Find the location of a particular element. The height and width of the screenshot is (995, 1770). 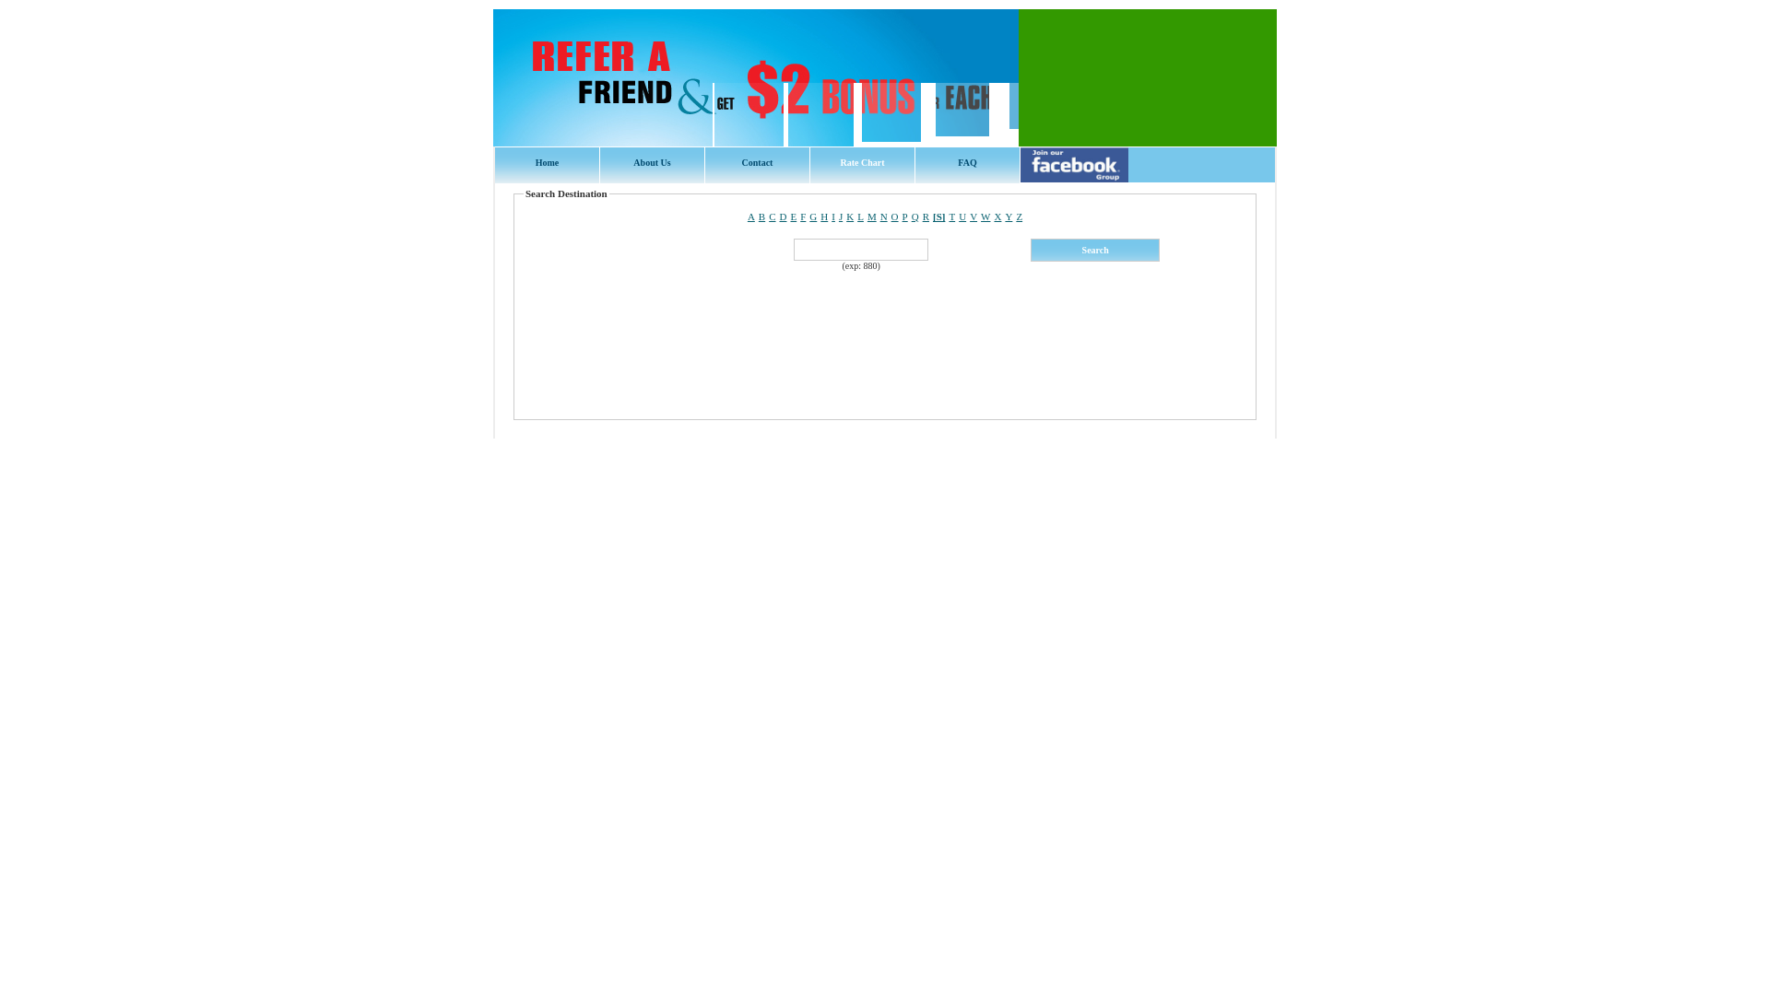

'F' is located at coordinates (802, 216).